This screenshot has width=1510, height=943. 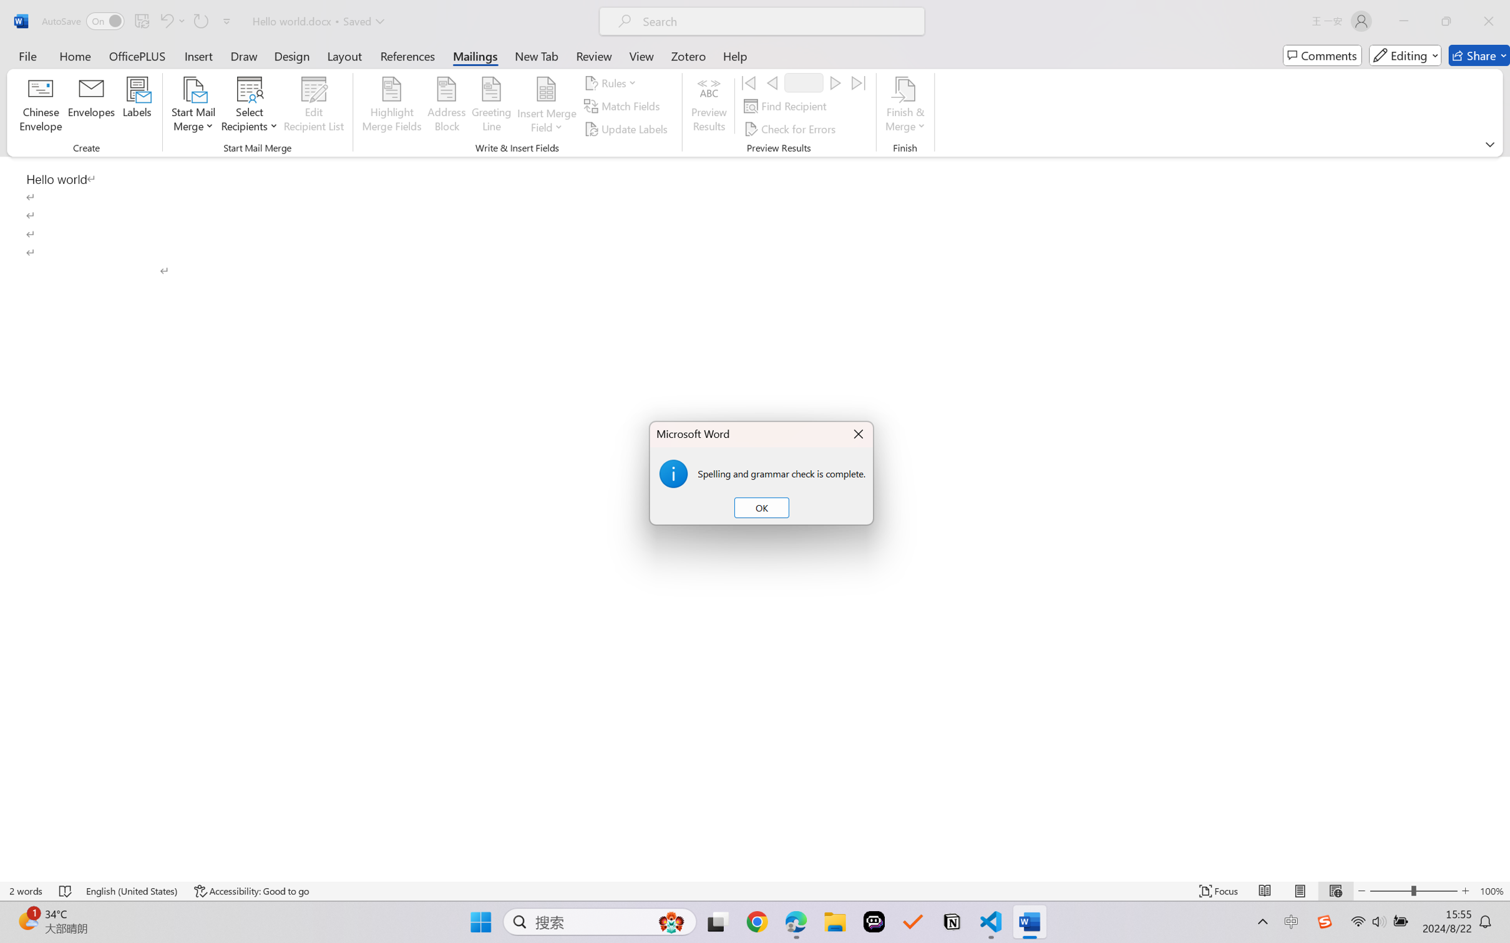 What do you see at coordinates (314, 106) in the screenshot?
I see `'Edit Recipient List...'` at bounding box center [314, 106].